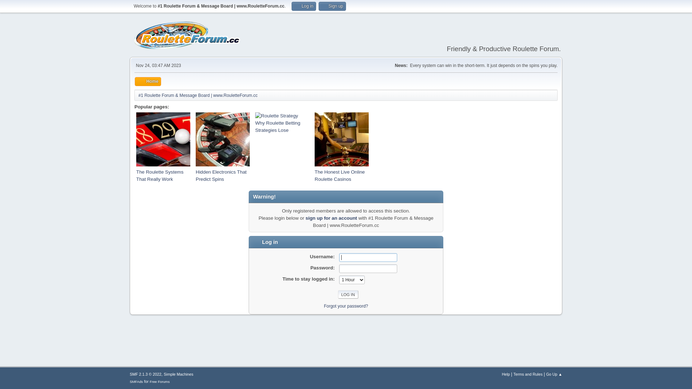 Image resolution: width=692 pixels, height=389 pixels. I want to click on 'Why Roulette Betting Strategies Lose', so click(255, 126).